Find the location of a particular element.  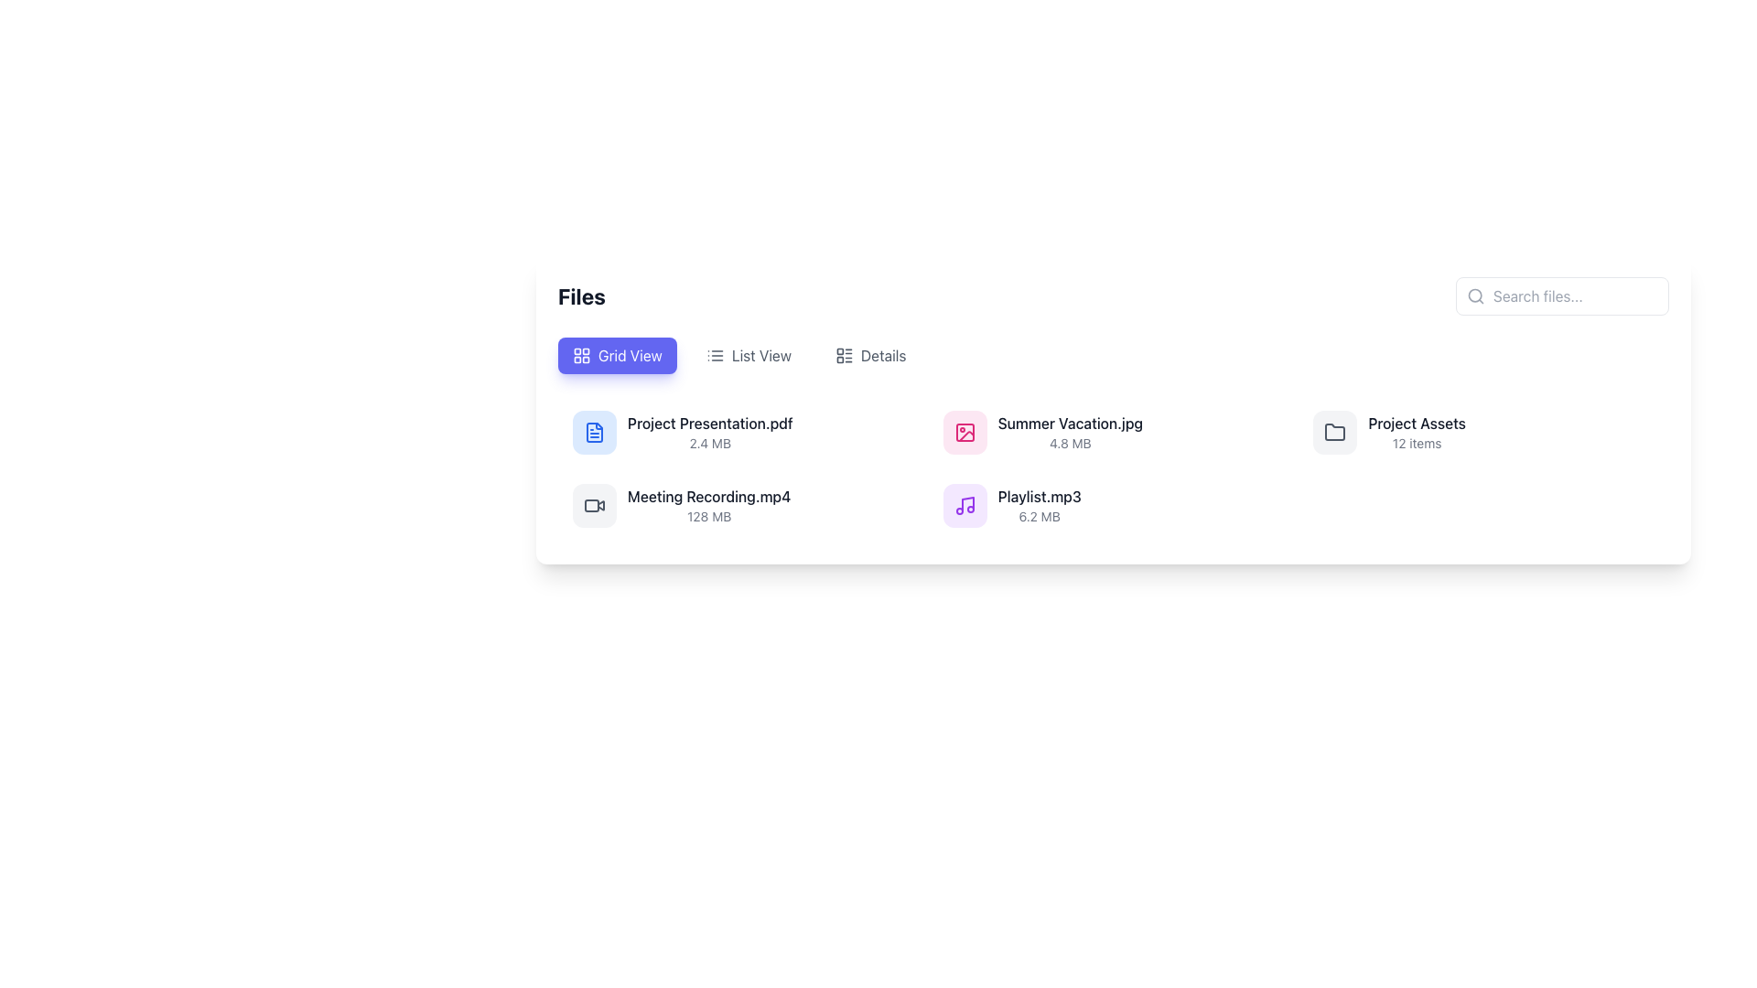

the SVG rectangle that is part of the video camera icon representing 'Meeting Recording.mp4', located at the center-right of the icon is located at coordinates (592, 505).